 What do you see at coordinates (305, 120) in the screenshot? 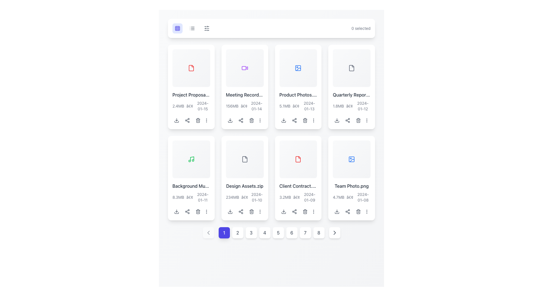
I see `the delete button located in the controls area below the 'Product Photos' card, which is the third interactive item from the right in the third column of the grid` at bounding box center [305, 120].